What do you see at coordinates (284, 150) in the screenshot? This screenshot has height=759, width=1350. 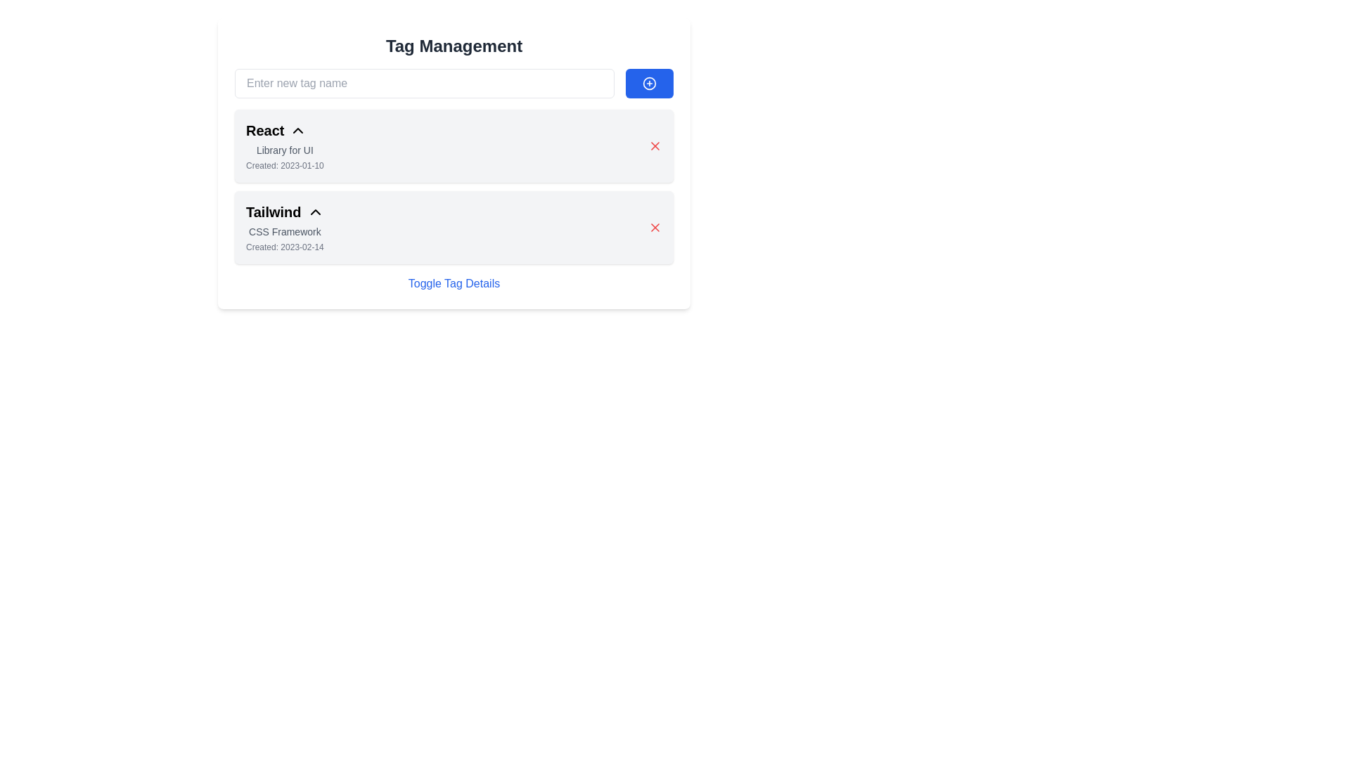 I see `the descriptive text that specifies the function of the 'React' item, which indicates it as a 'Library for UI'` at bounding box center [284, 150].